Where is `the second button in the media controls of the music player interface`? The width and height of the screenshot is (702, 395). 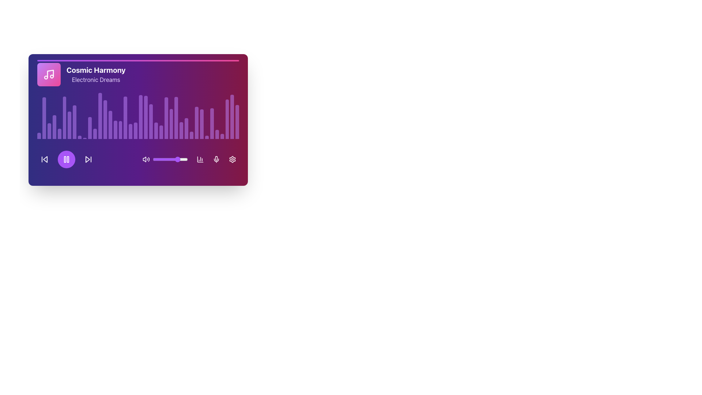 the second button in the media controls of the music player interface is located at coordinates (67, 159).